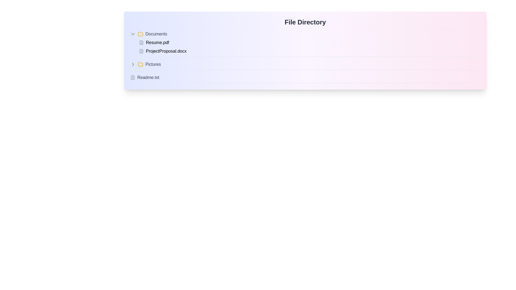 This screenshot has width=516, height=290. What do you see at coordinates (141, 42) in the screenshot?
I see `the document icon styled in light gray with a thin border, representing 'Resume.pdf', located in the 'Documents' folder section` at bounding box center [141, 42].